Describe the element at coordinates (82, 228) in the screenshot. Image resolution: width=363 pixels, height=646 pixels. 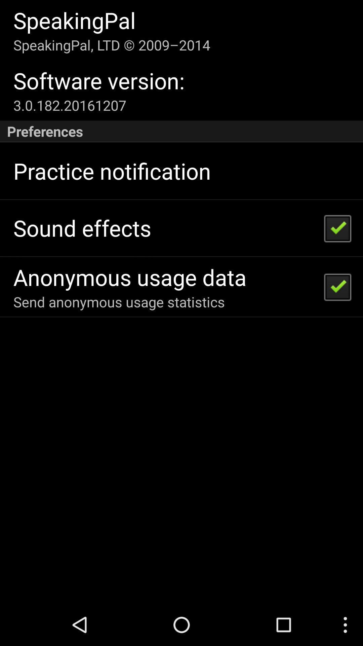
I see `app below practice notification item` at that location.